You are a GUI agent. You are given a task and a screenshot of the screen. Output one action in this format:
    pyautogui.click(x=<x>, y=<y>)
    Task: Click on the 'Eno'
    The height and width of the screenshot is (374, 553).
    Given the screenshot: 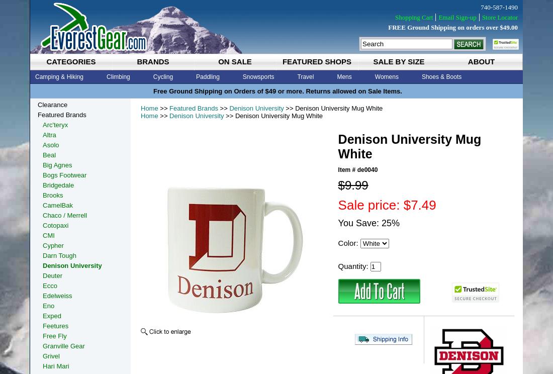 What is the action you would take?
    pyautogui.click(x=43, y=305)
    